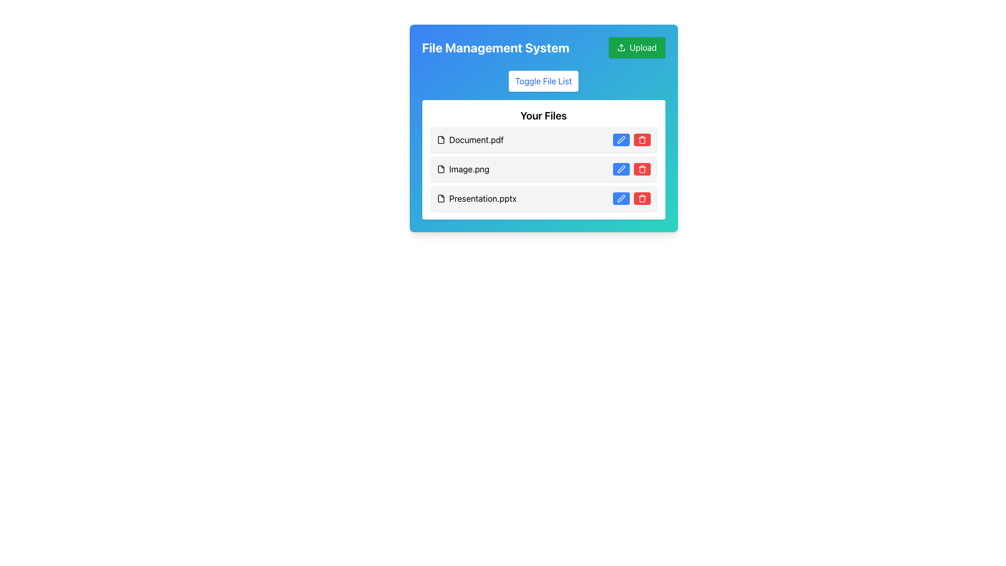  I want to click on the button that toggles the visibility of the file list displayed under 'Your Files', so click(543, 80).